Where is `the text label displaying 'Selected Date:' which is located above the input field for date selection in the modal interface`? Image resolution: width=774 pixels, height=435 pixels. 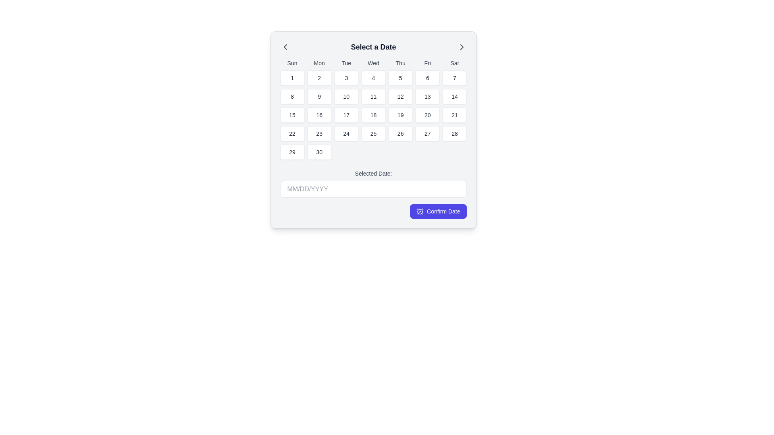 the text label displaying 'Selected Date:' which is located above the input field for date selection in the modal interface is located at coordinates (373, 173).